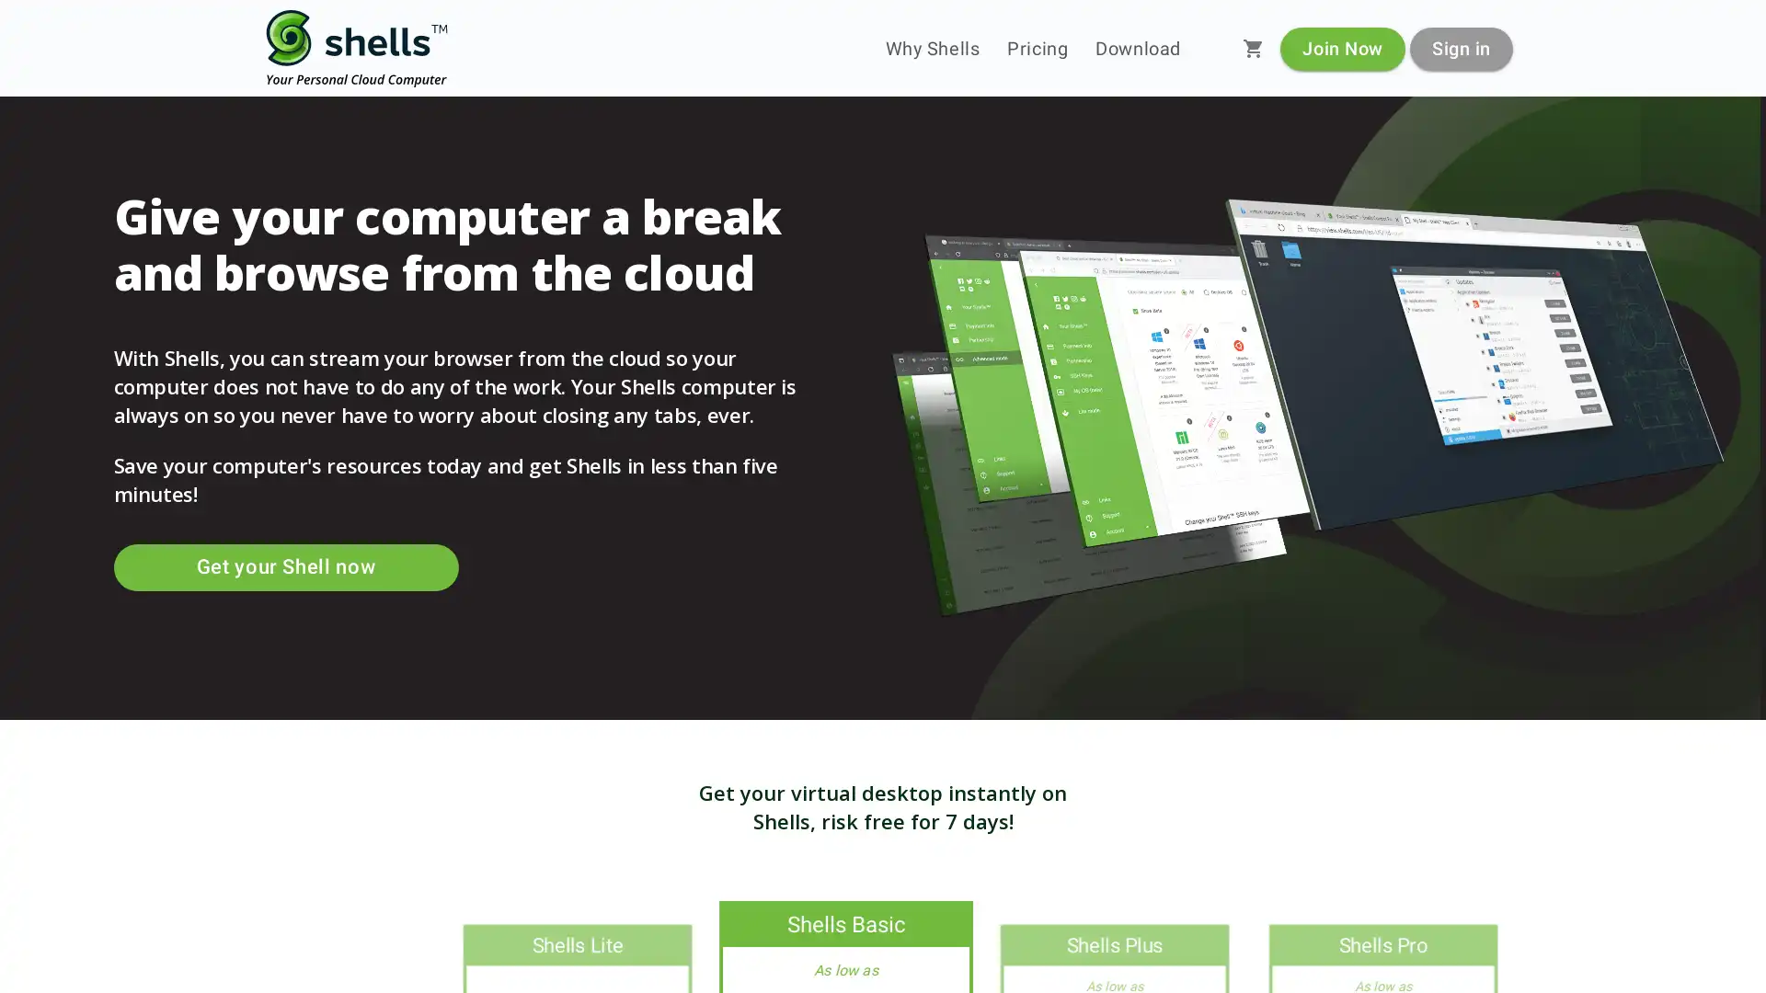 This screenshot has height=993, width=1766. What do you see at coordinates (1253, 48) in the screenshot?
I see `cart` at bounding box center [1253, 48].